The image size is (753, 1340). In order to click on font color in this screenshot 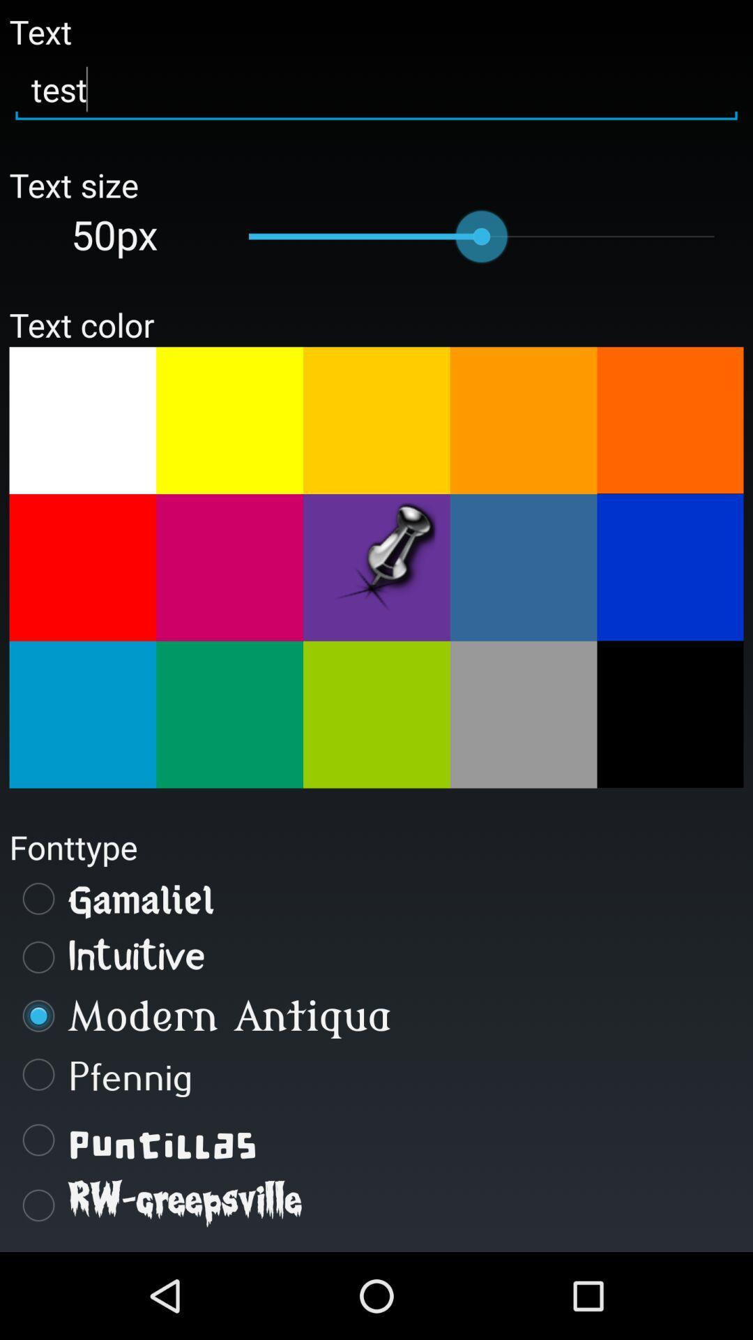, I will do `click(524, 715)`.